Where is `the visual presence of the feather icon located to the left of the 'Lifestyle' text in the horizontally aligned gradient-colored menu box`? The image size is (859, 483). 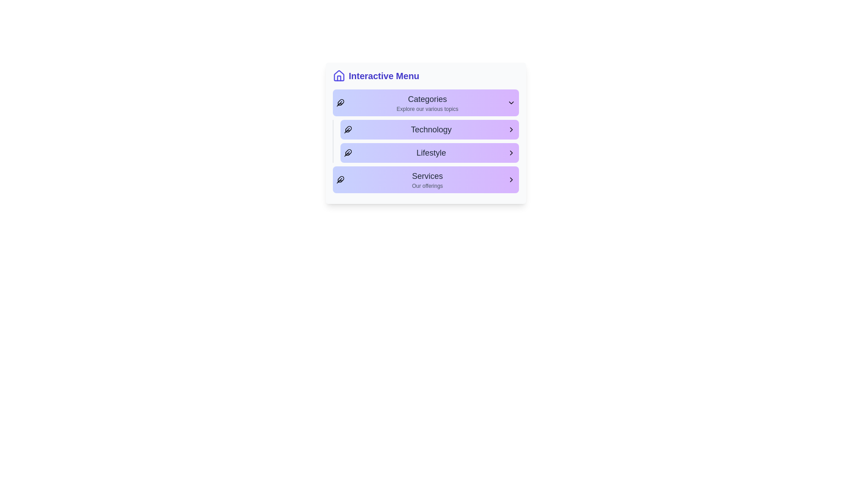
the visual presence of the feather icon located to the left of the 'Lifestyle' text in the horizontally aligned gradient-colored menu box is located at coordinates (347, 153).